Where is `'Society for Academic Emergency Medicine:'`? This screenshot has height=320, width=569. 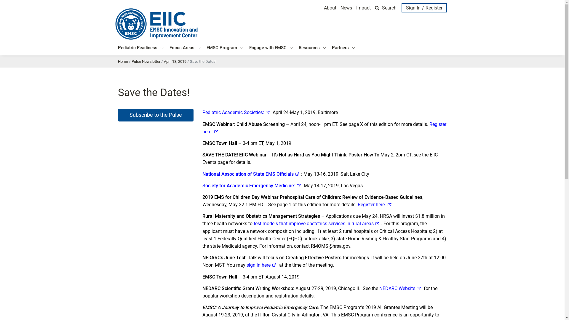
'Society for Academic Emergency Medicine:' is located at coordinates (252, 185).